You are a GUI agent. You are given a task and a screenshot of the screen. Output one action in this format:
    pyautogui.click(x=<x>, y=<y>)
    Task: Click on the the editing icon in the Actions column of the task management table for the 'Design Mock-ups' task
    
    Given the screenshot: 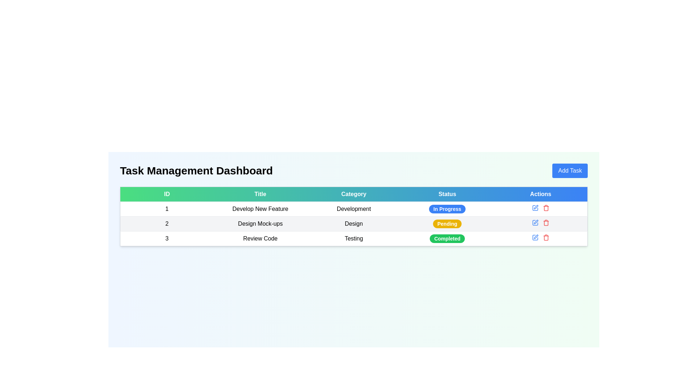 What is the action you would take?
    pyautogui.click(x=535, y=222)
    